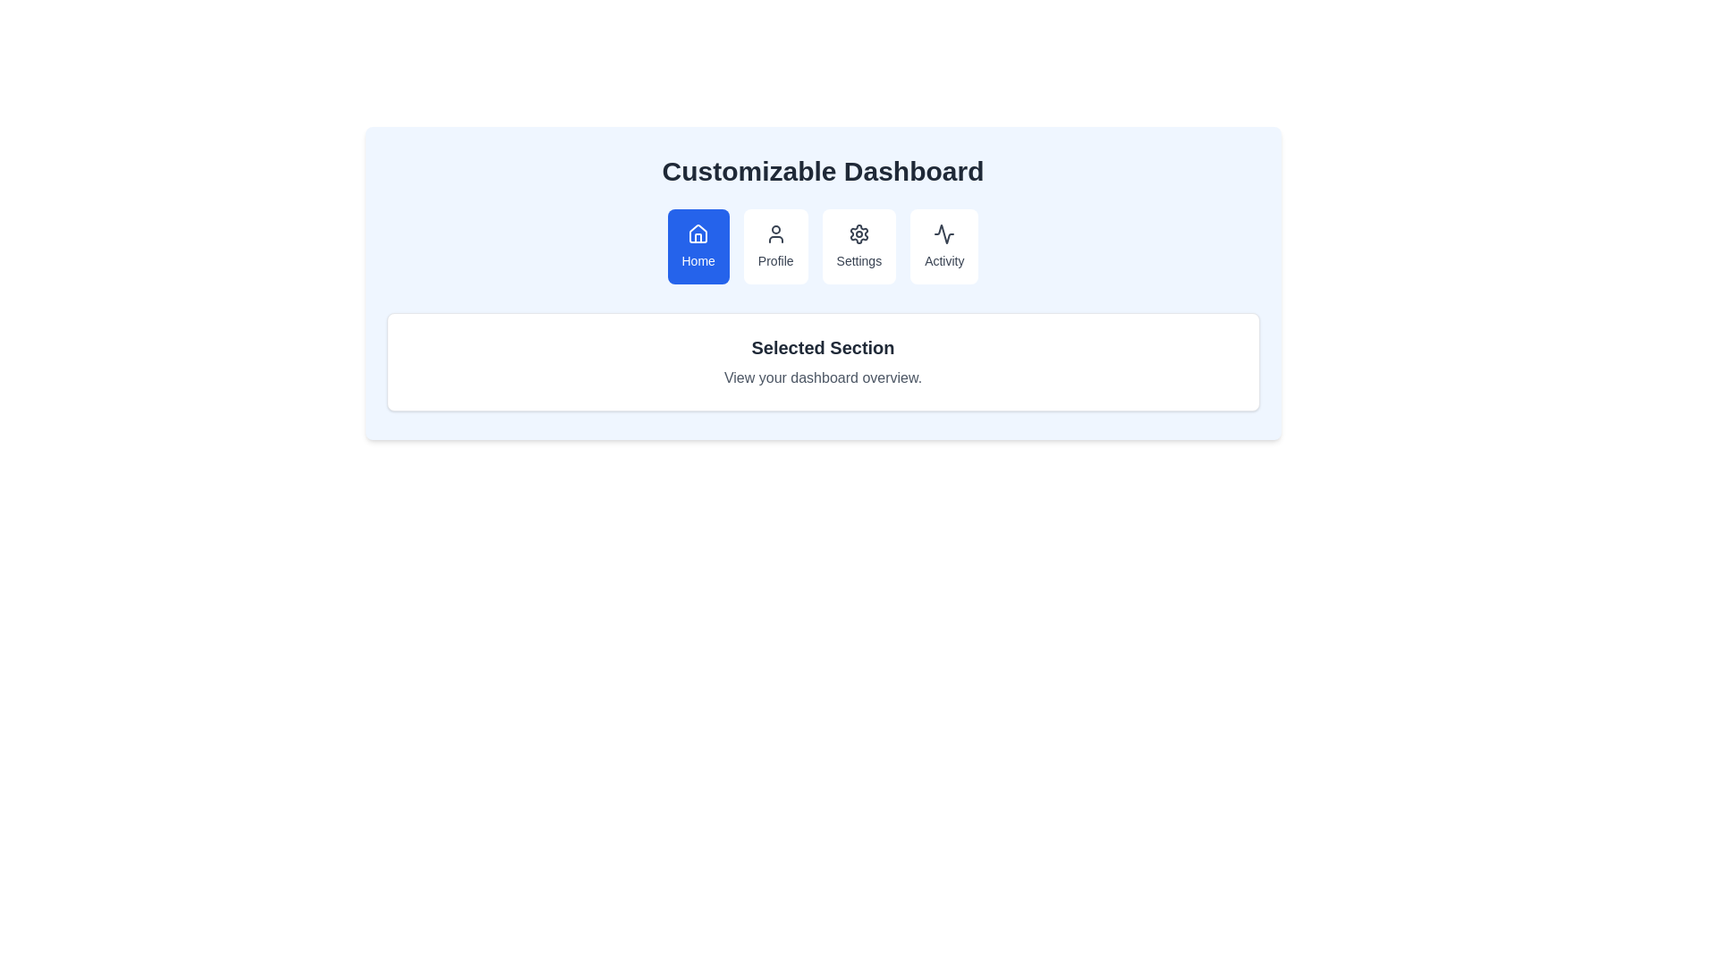 This screenshot has height=966, width=1717. What do you see at coordinates (698, 233) in the screenshot?
I see `the 'Home' icon located in the top navigation bar, which is represented by an SVG element with the class 'lucide lucide-house'` at bounding box center [698, 233].